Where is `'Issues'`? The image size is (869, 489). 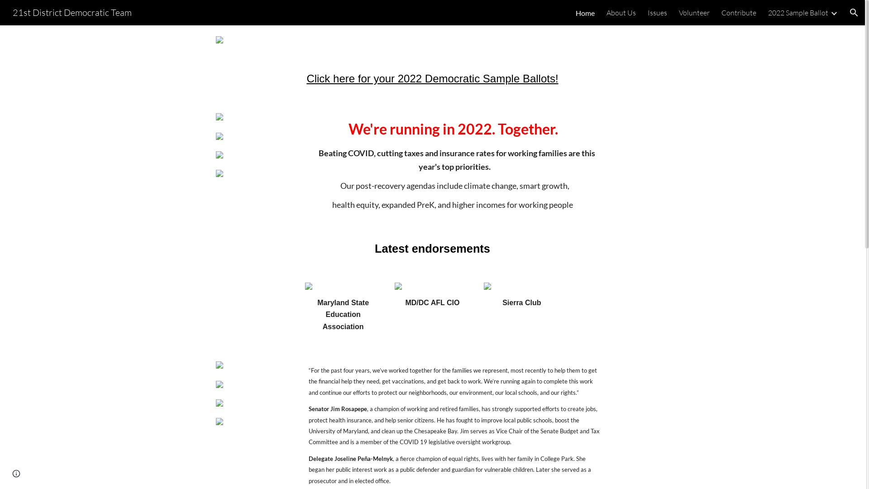 'Issues' is located at coordinates (657, 12).